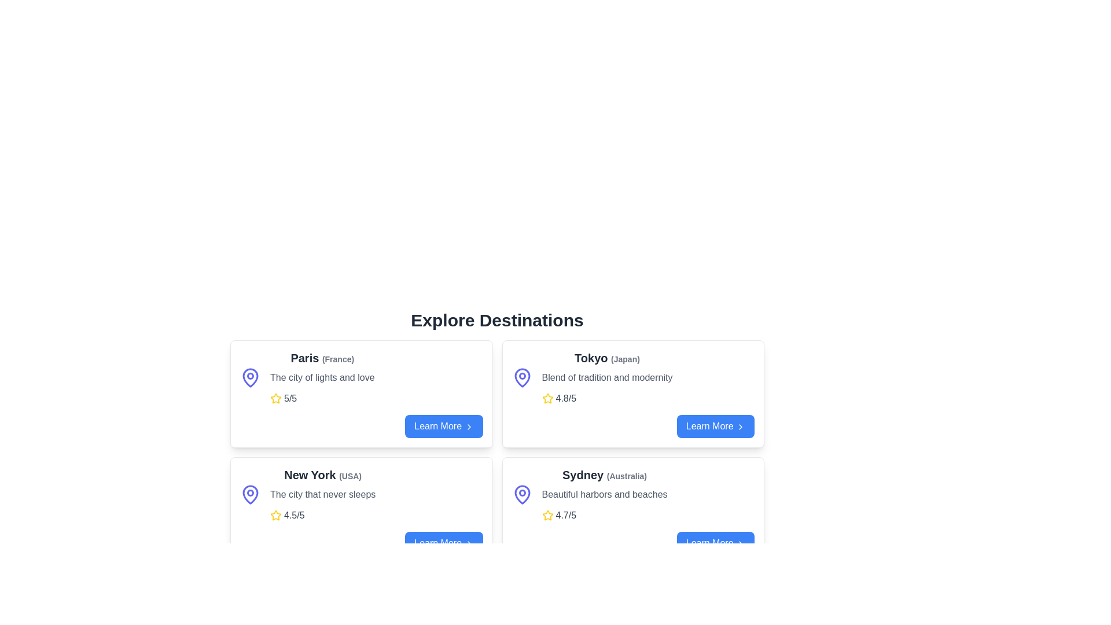 The width and height of the screenshot is (1111, 625). Describe the element at coordinates (741, 426) in the screenshot. I see `the chevron icon located at the bottom-right corner of the 'Tokyo (Japan)' card, which serves as a visual indicator for the 'Learn More' button` at that location.